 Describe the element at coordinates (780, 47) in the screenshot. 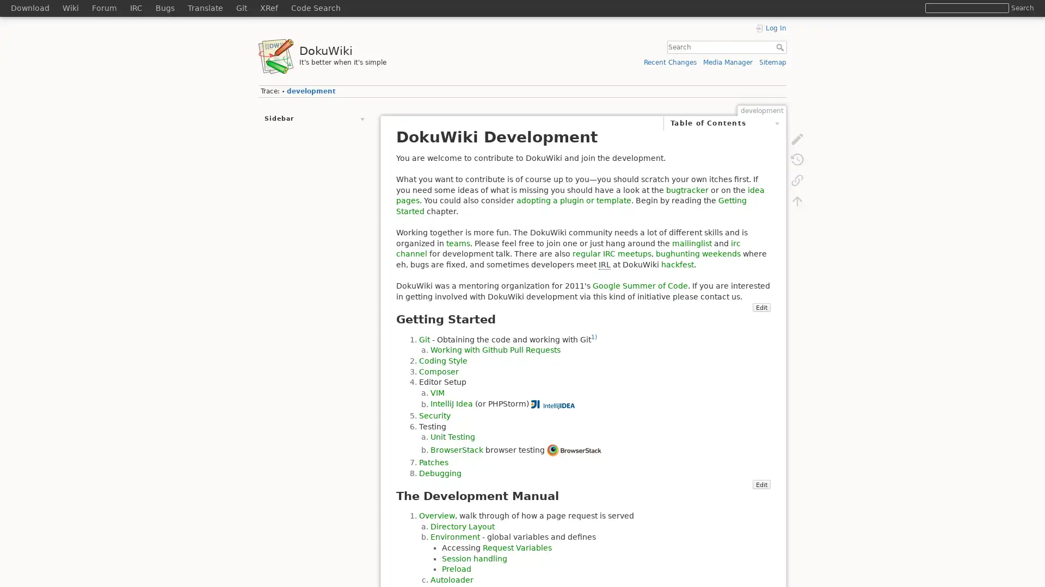

I see `Search` at that location.